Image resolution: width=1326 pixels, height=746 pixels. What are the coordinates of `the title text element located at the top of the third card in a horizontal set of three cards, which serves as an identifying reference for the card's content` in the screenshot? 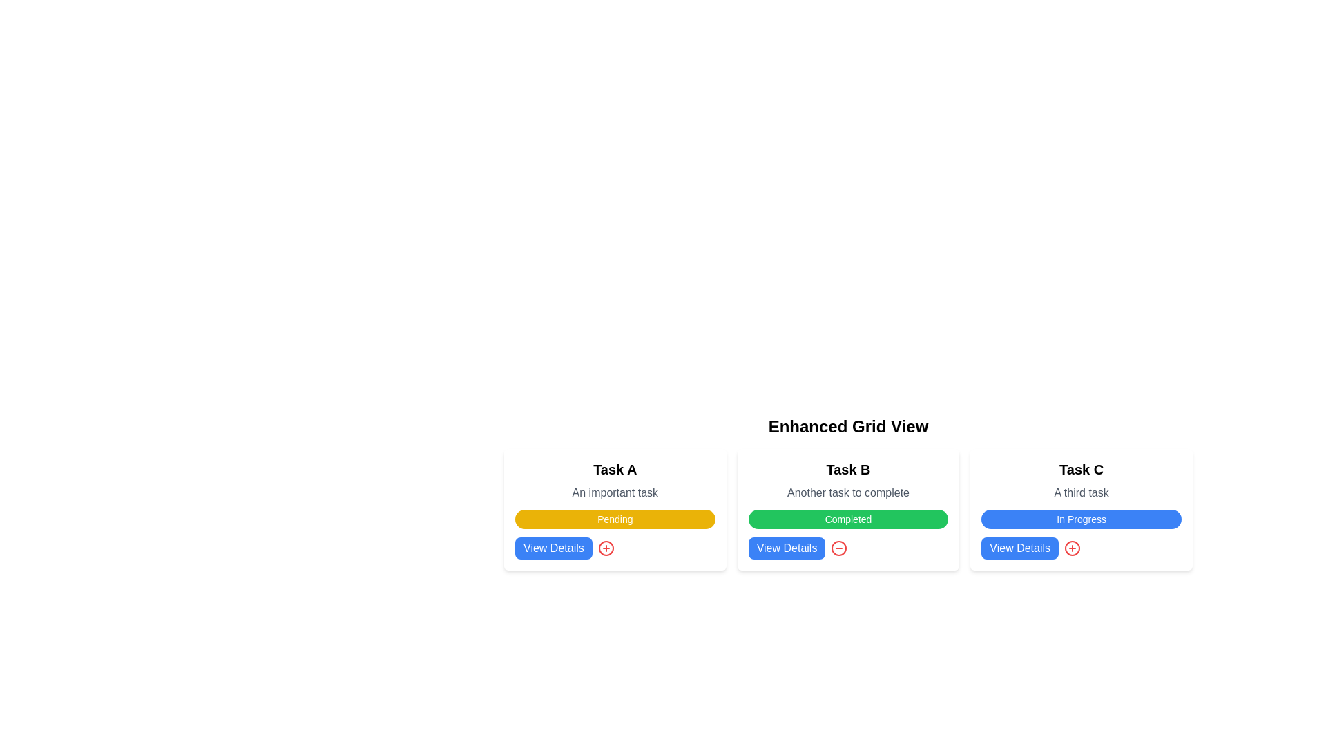 It's located at (1081, 468).